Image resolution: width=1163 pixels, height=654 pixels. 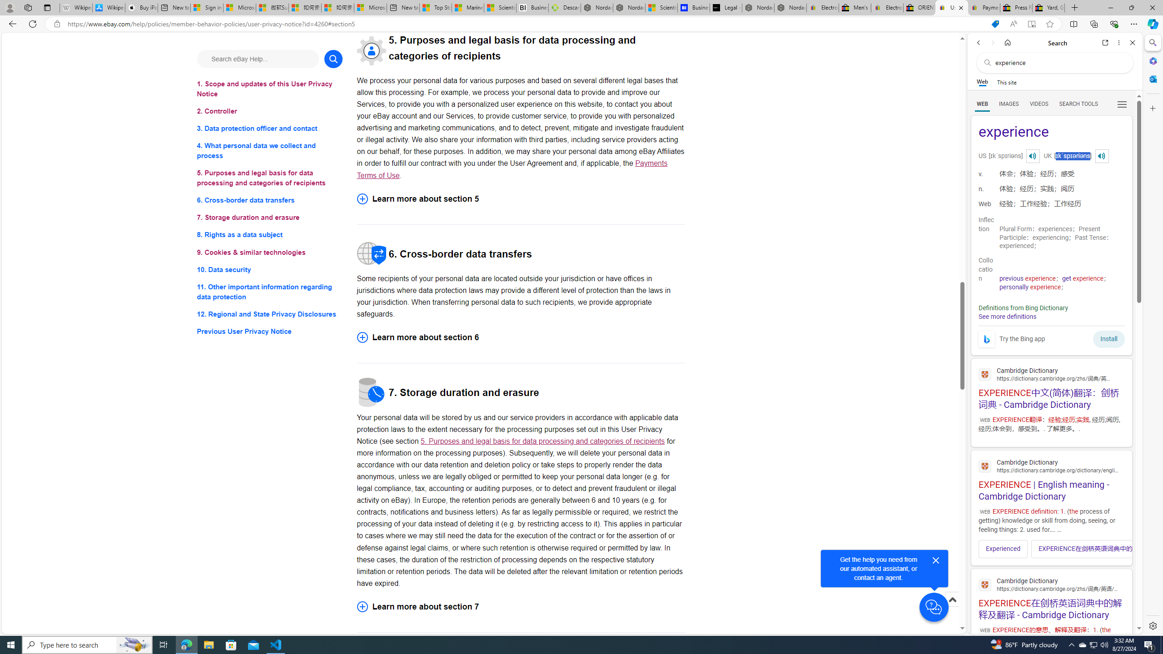 I want to click on 'Search eBay Help...', so click(x=257, y=59).